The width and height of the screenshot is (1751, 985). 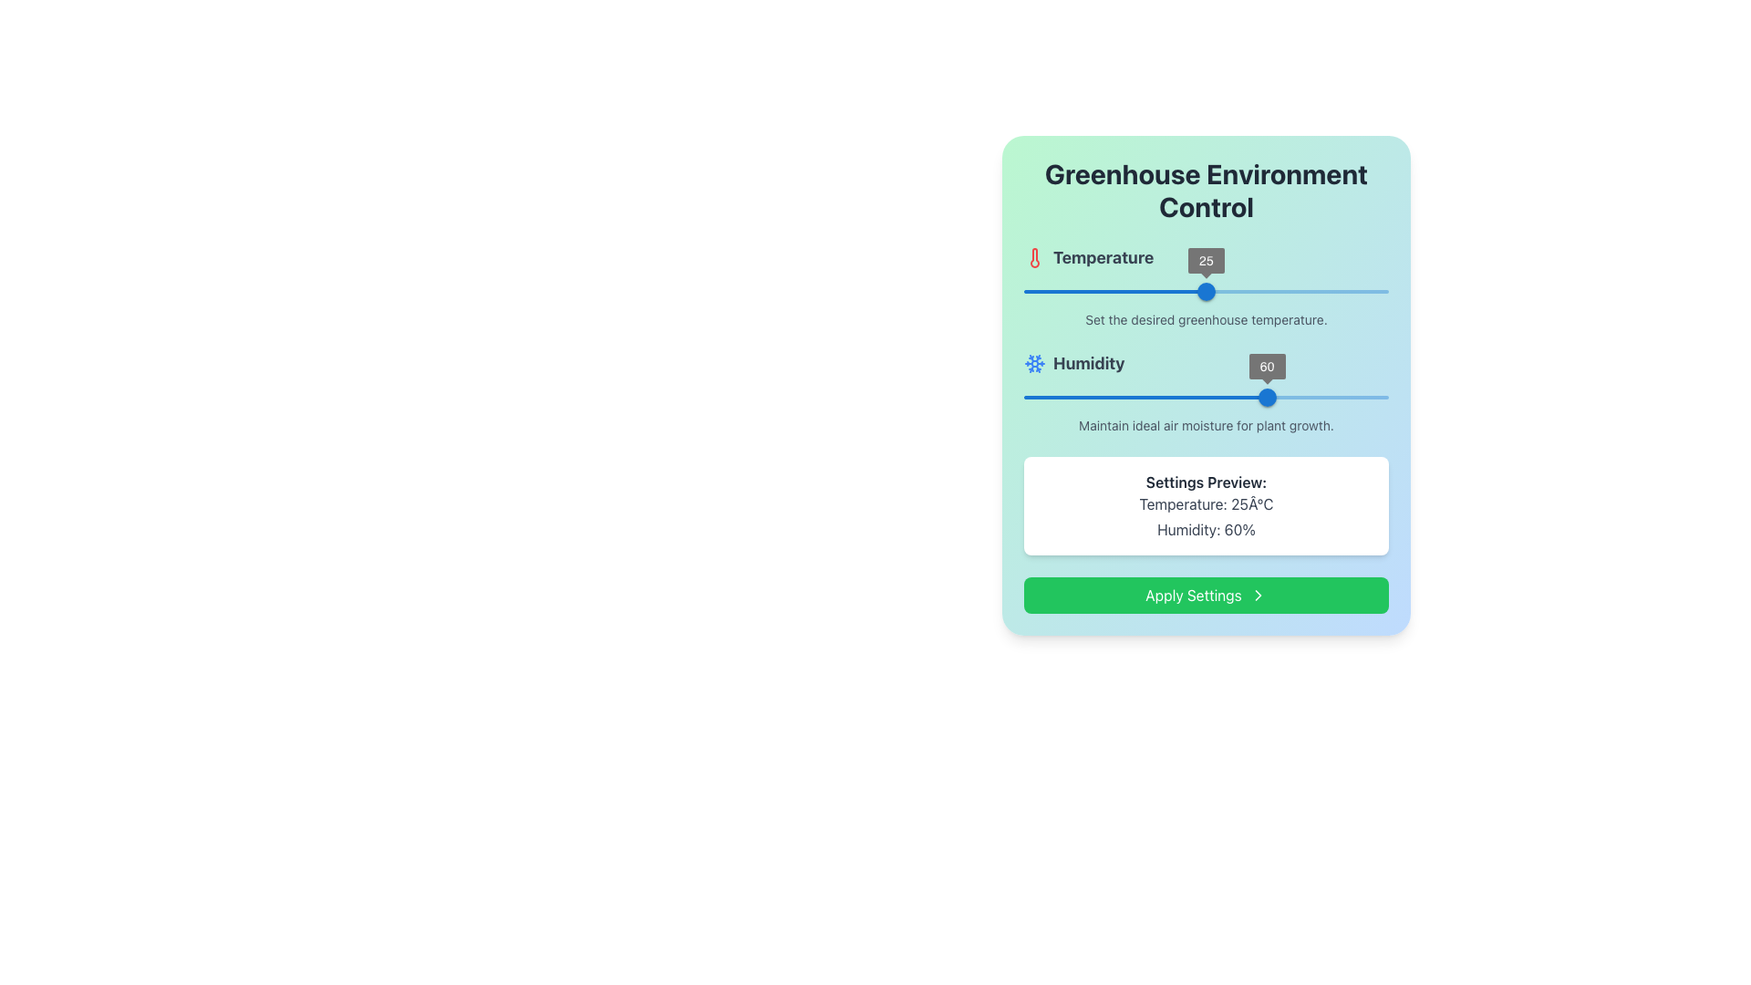 I want to click on temperature, so click(x=1020, y=291).